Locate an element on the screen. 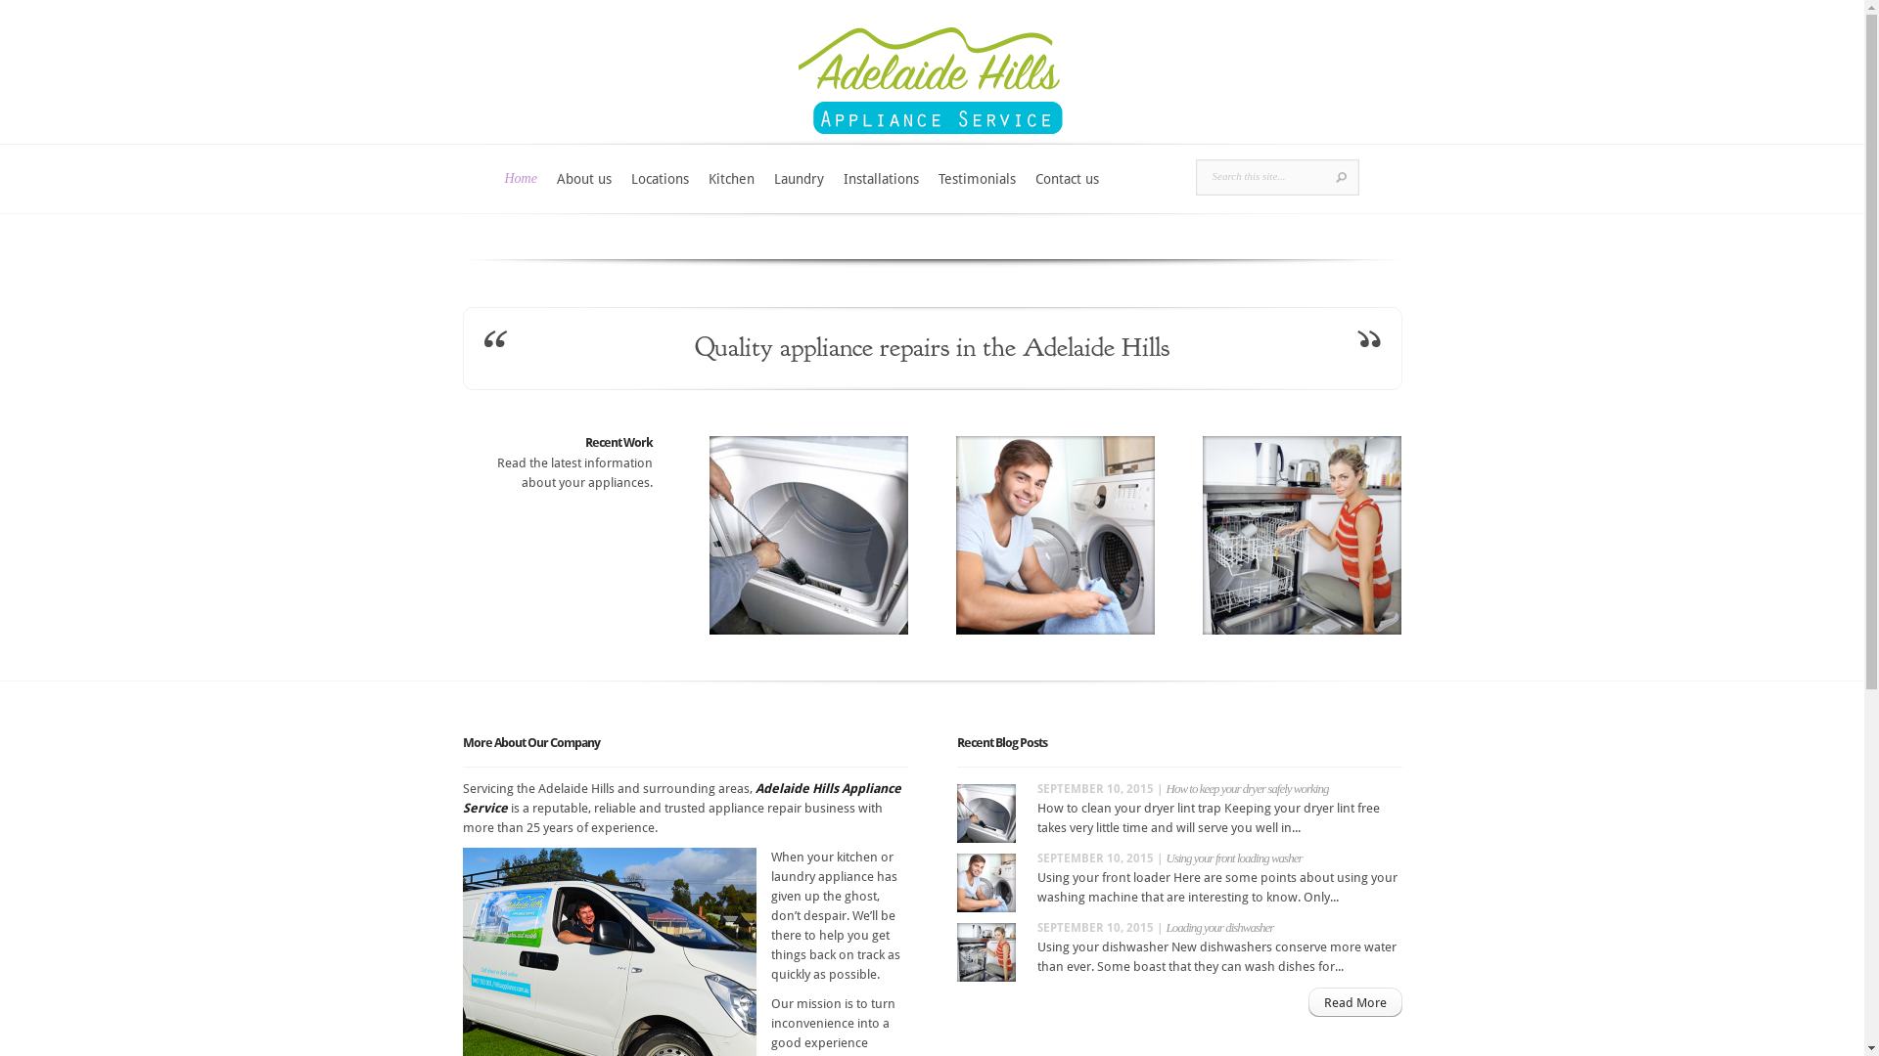 The width and height of the screenshot is (1879, 1056). 'Using your front loading washer' is located at coordinates (1233, 857).